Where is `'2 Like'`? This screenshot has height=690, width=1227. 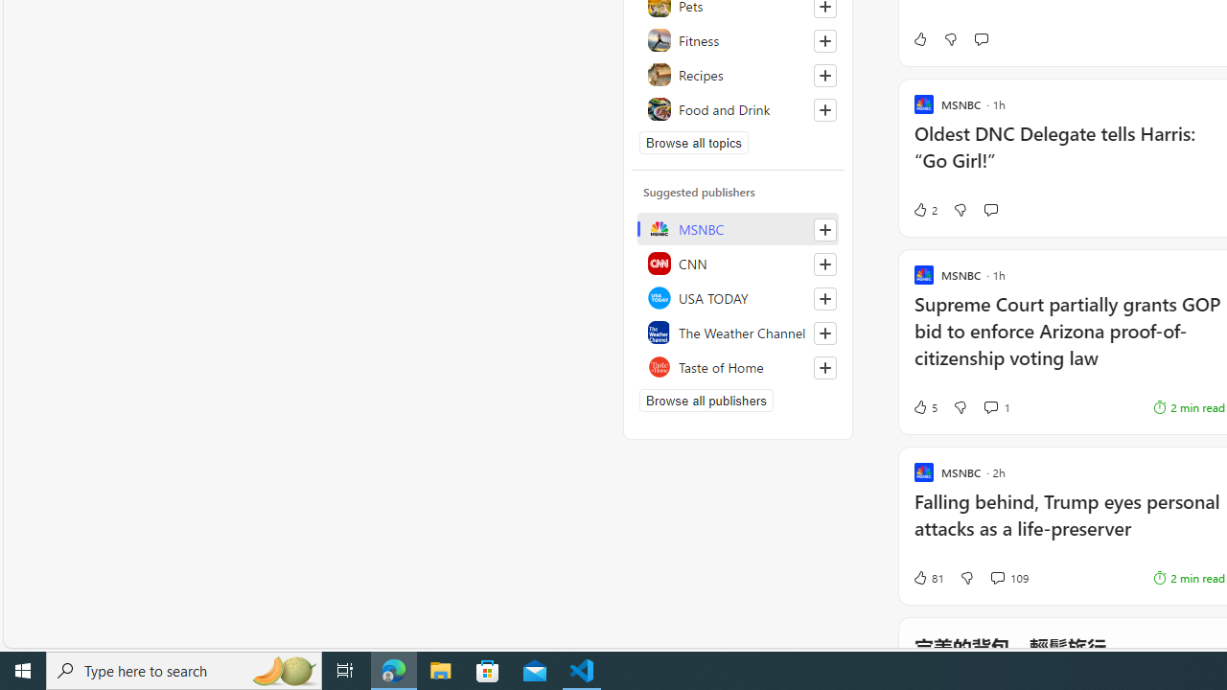
'2 Like' is located at coordinates (924, 210).